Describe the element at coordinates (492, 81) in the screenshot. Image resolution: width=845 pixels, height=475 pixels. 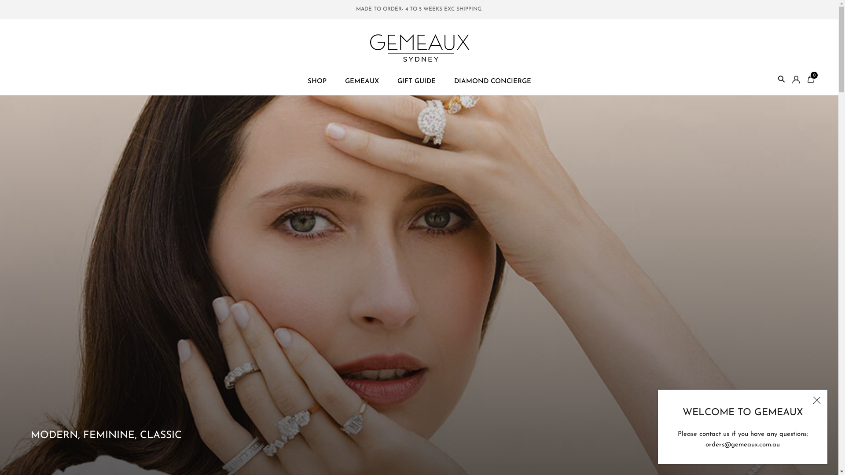
I see `'DIAMOND CONCIERGE` at that location.